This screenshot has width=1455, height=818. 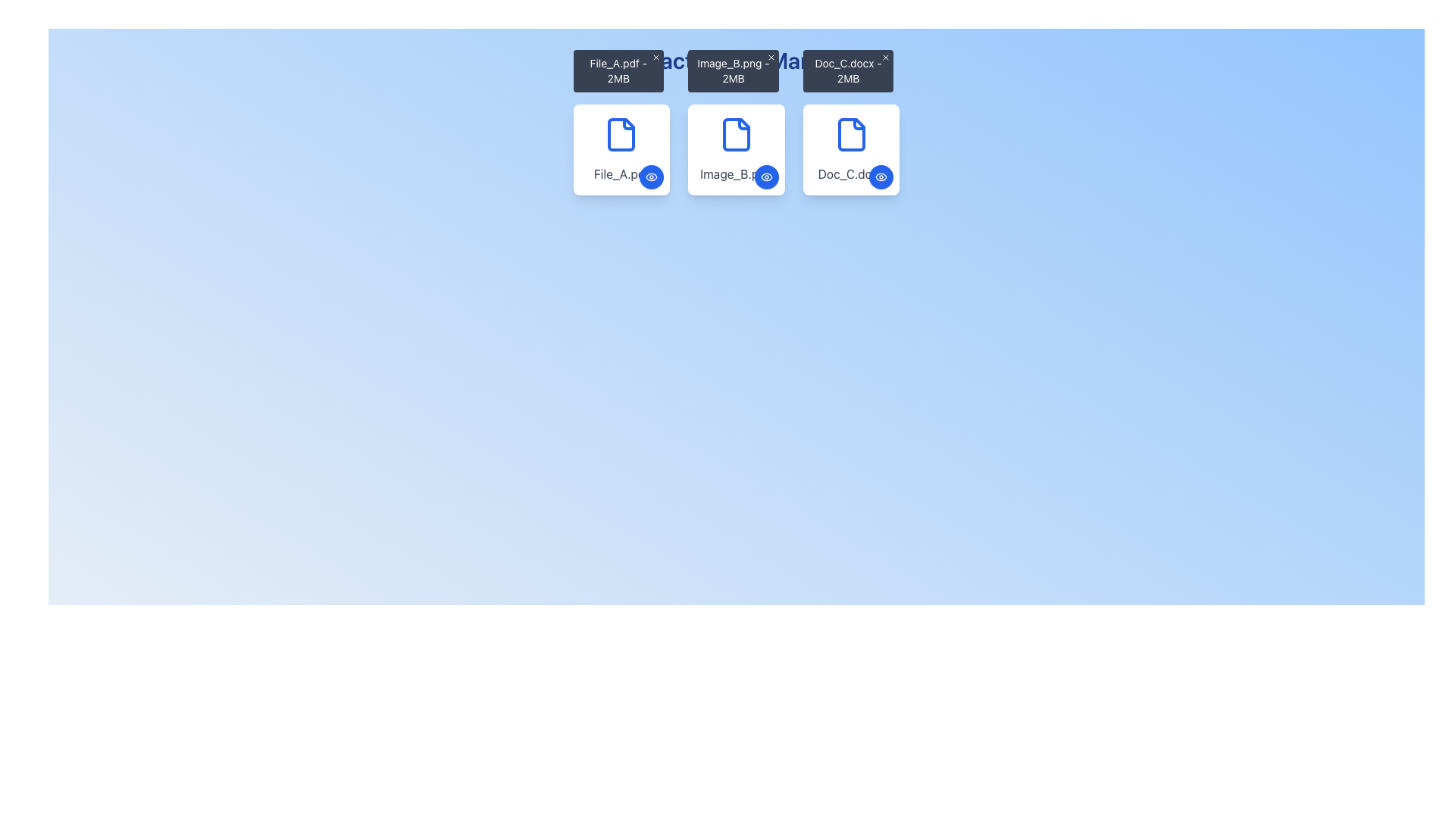 I want to click on the descriptive label of the file displayed in the second file card from the left, located below the file title and icon, and above the interactive elements like the eye icon, so click(x=736, y=173).